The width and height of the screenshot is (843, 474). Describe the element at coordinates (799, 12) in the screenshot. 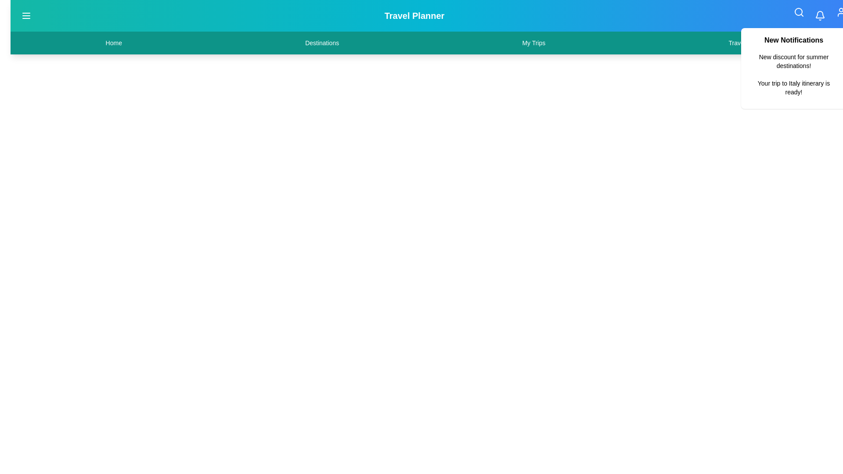

I see `the search icon in the top-right corner of the app bar` at that location.